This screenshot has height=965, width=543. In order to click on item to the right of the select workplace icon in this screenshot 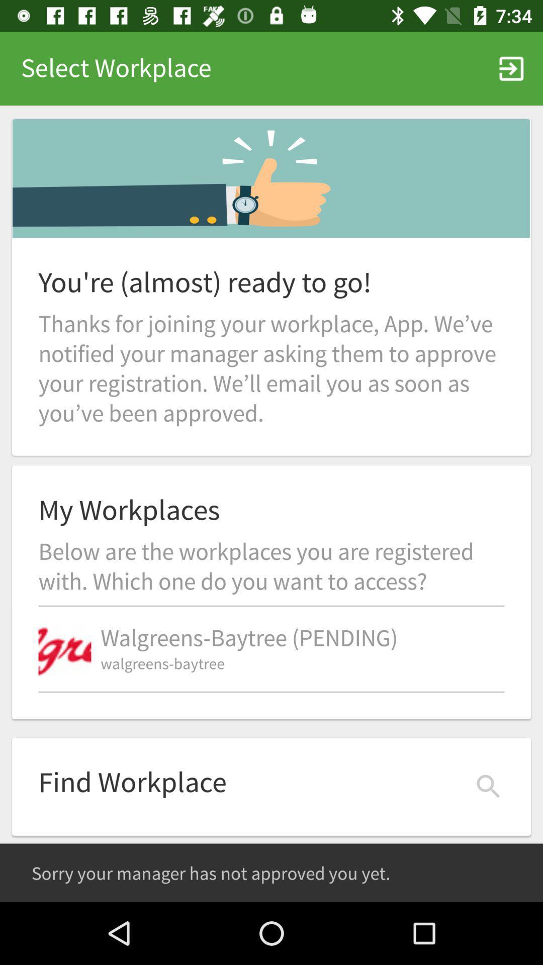, I will do `click(511, 68)`.